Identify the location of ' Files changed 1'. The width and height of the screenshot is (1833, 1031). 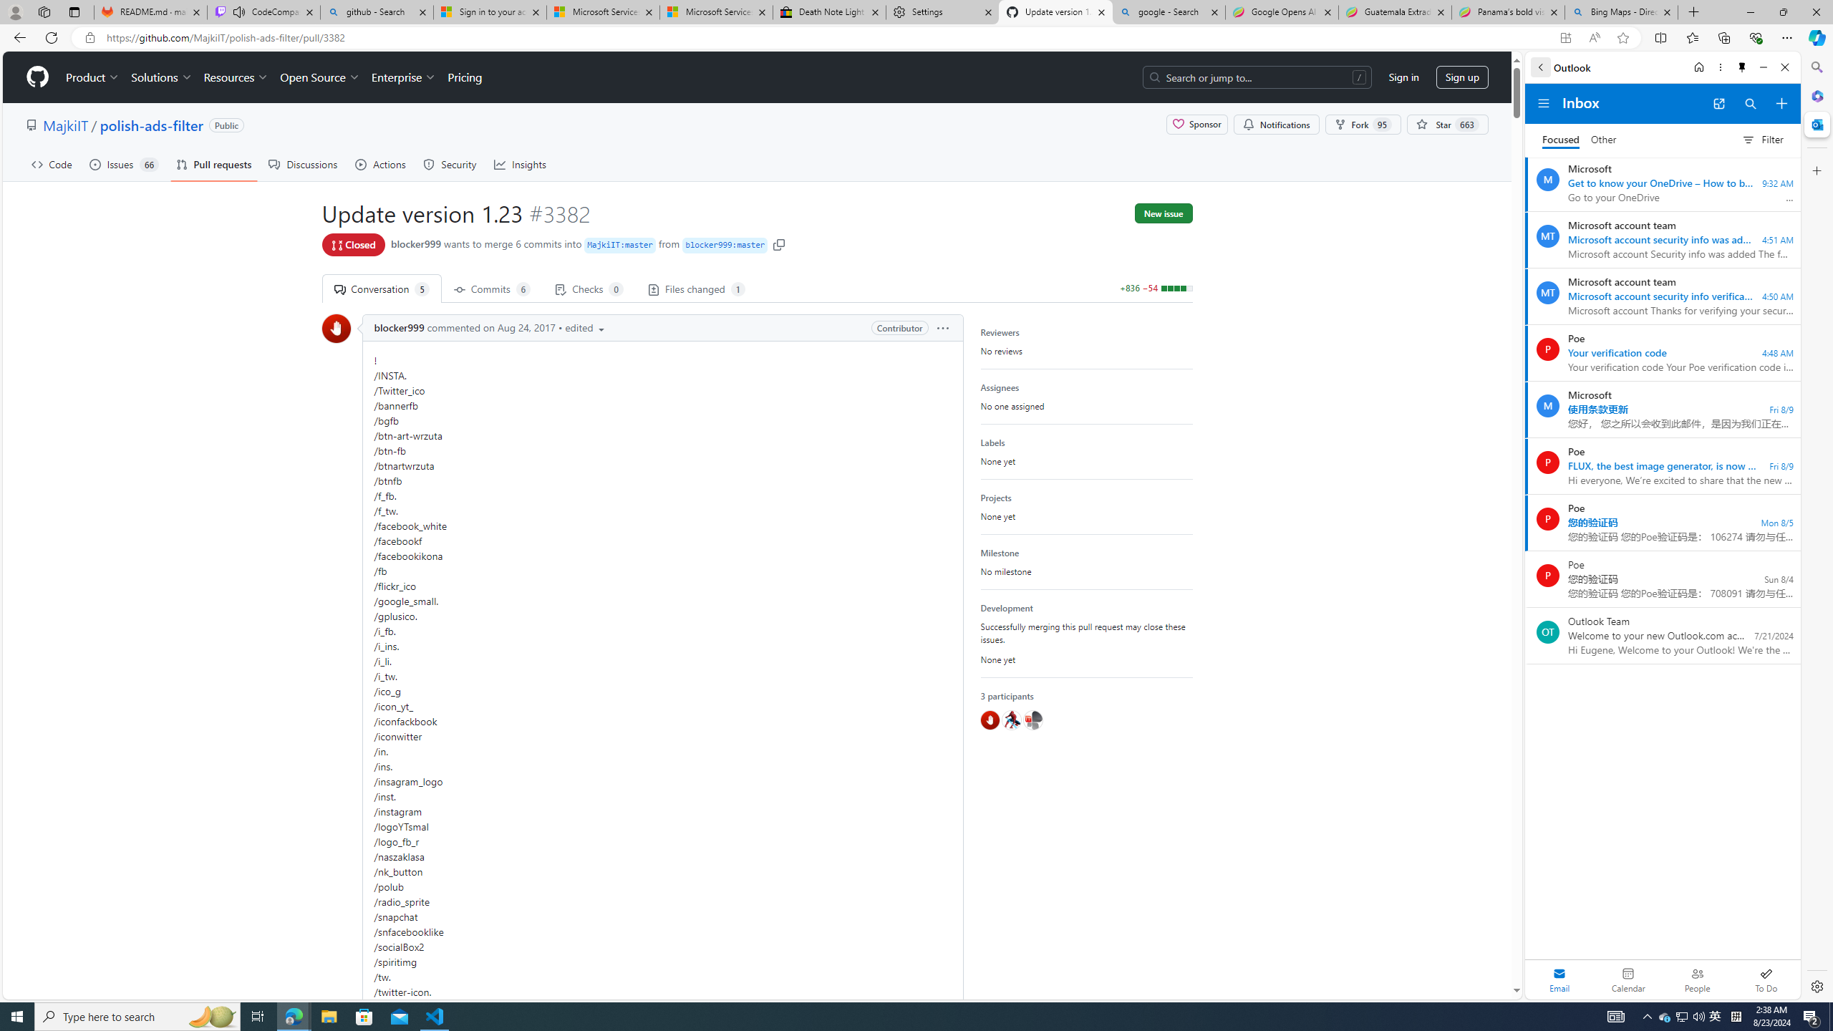
(695, 288).